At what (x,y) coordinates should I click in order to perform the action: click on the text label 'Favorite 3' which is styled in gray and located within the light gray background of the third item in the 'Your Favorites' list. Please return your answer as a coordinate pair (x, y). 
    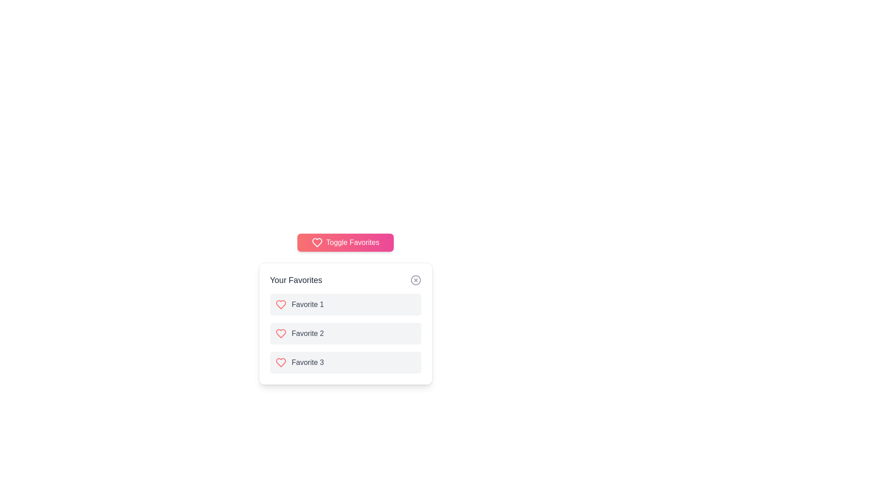
    Looking at the image, I should click on (308, 362).